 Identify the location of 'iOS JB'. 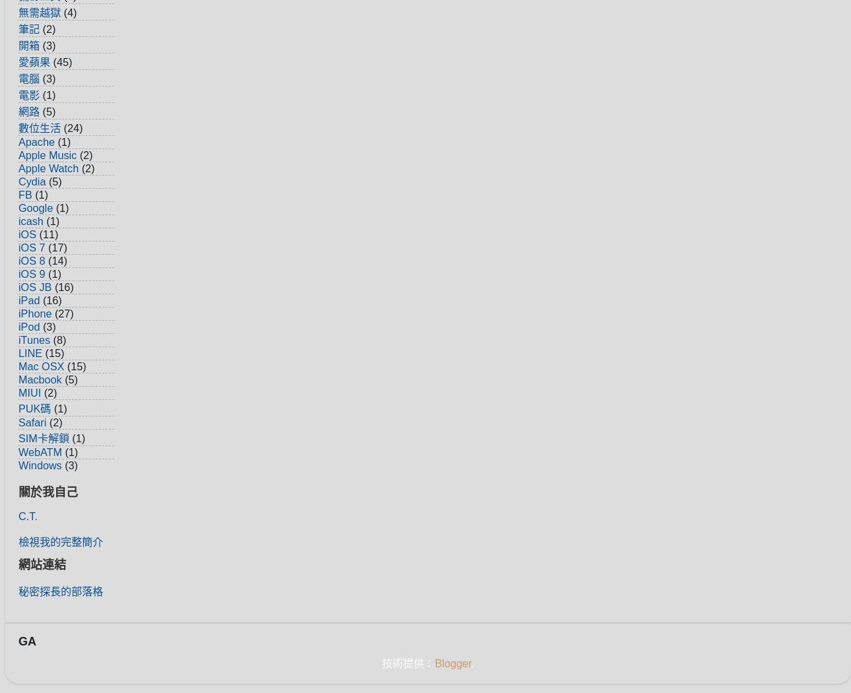
(34, 285).